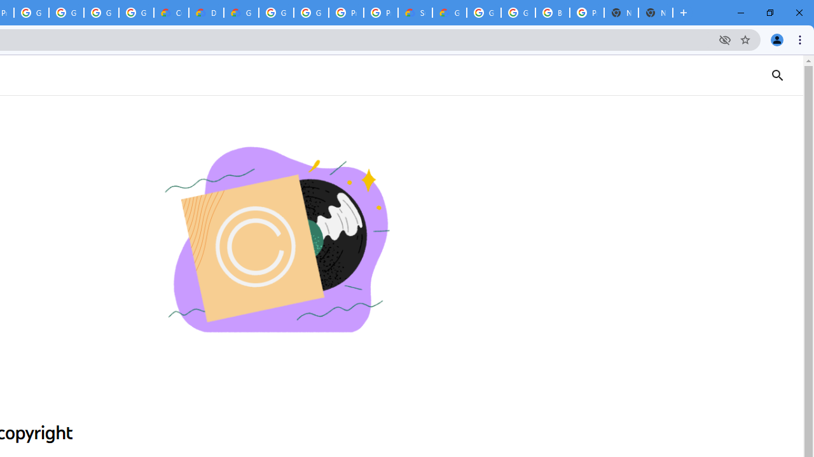 The height and width of the screenshot is (457, 814). What do you see at coordinates (656, 13) in the screenshot?
I see `'New Tab'` at bounding box center [656, 13].